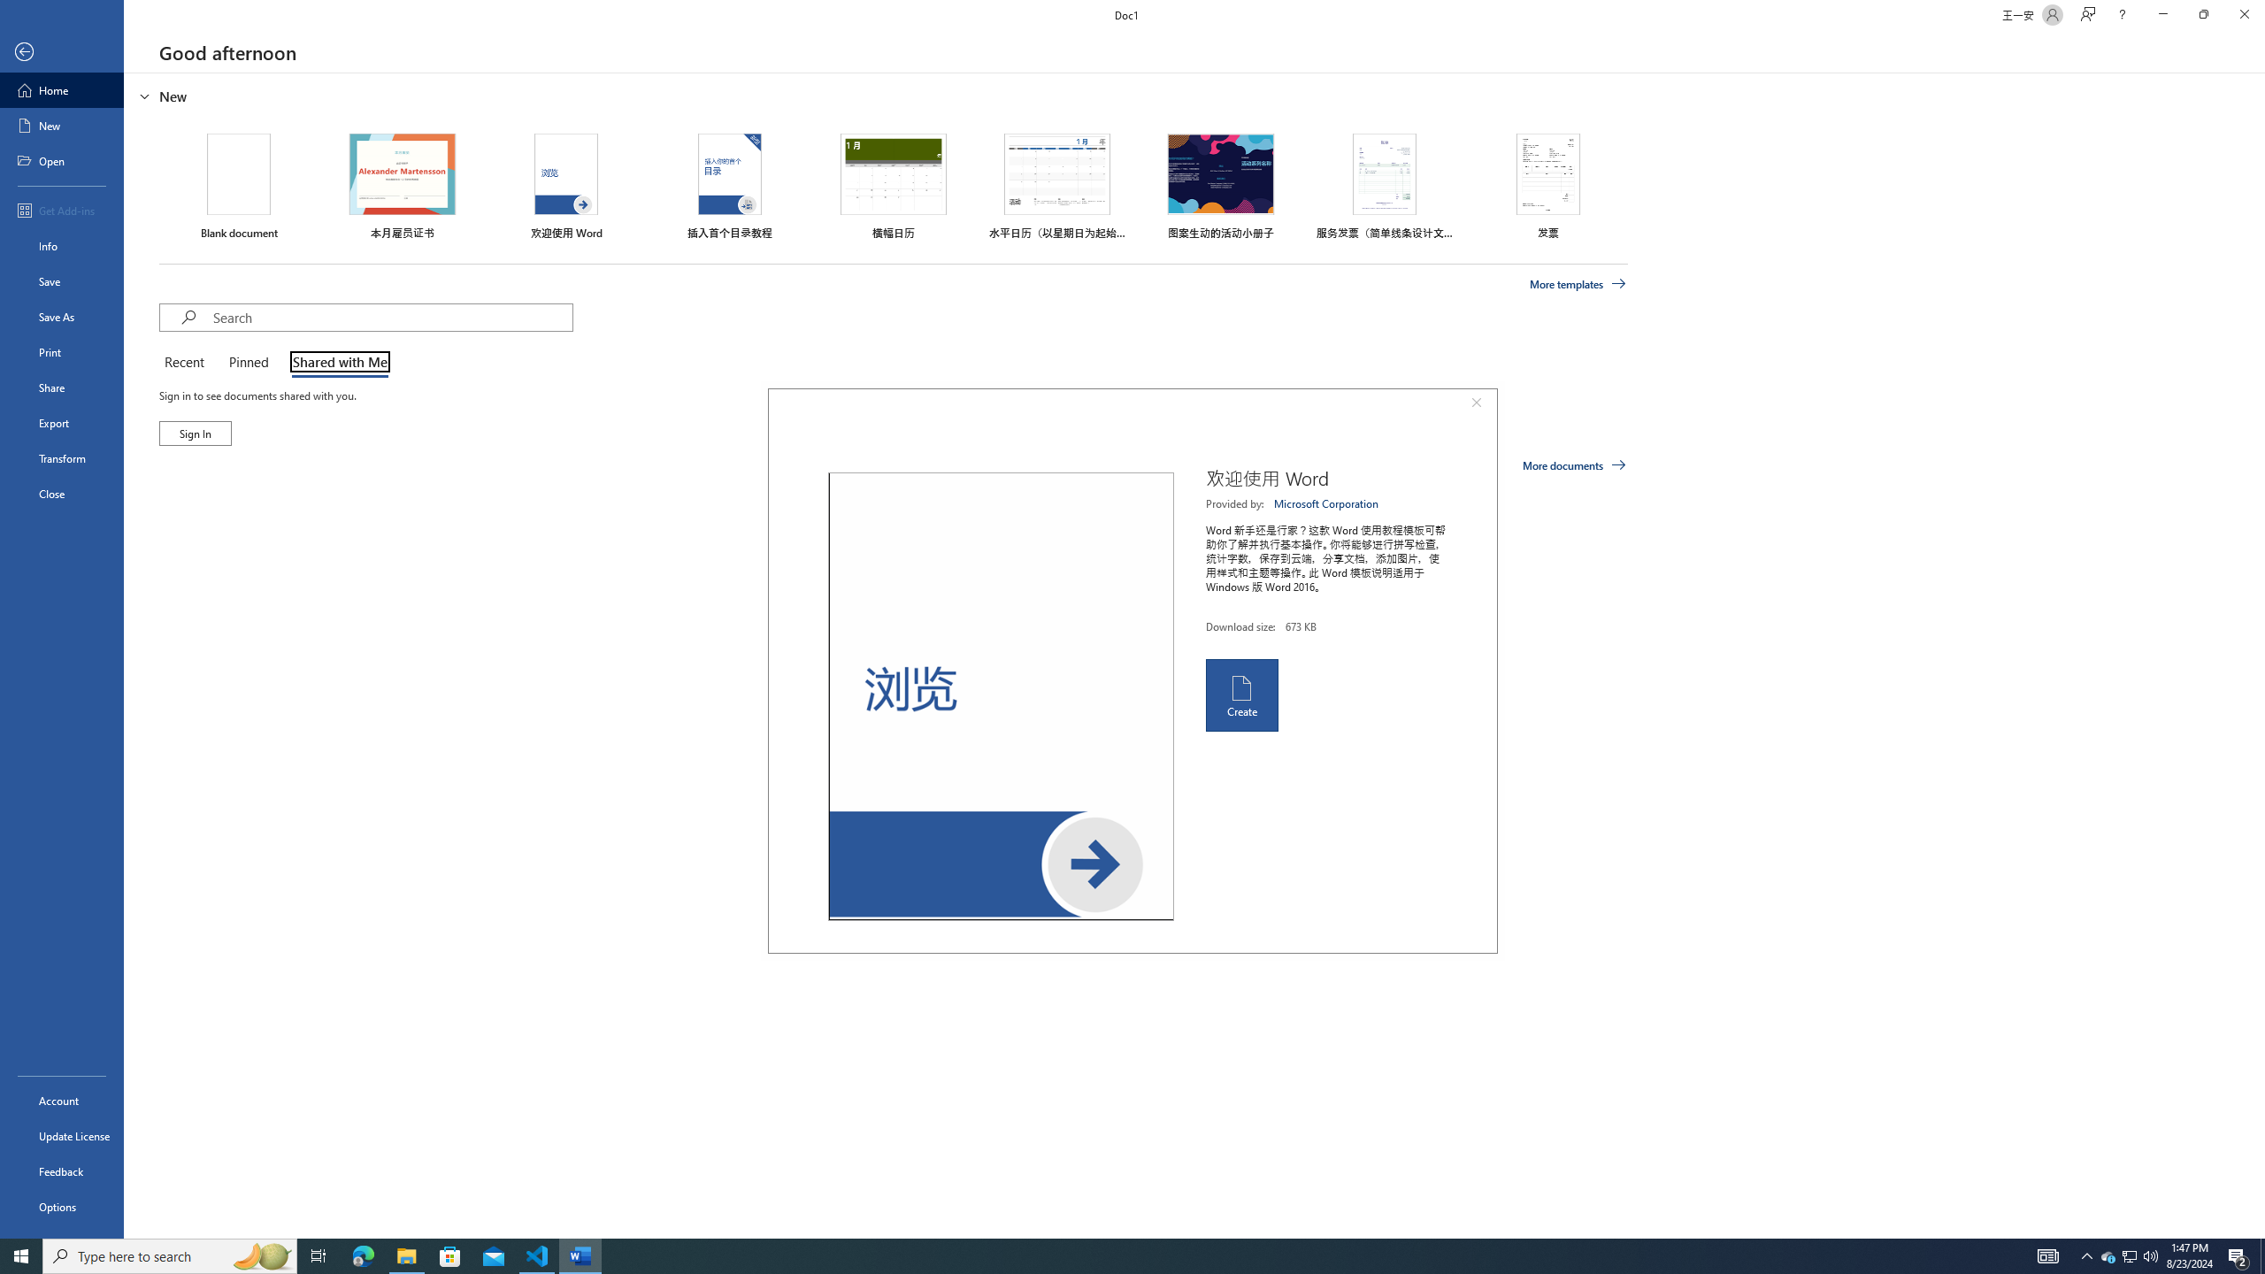  What do you see at coordinates (2257, 655) in the screenshot?
I see `'Class: NetUIScrollBar'` at bounding box center [2257, 655].